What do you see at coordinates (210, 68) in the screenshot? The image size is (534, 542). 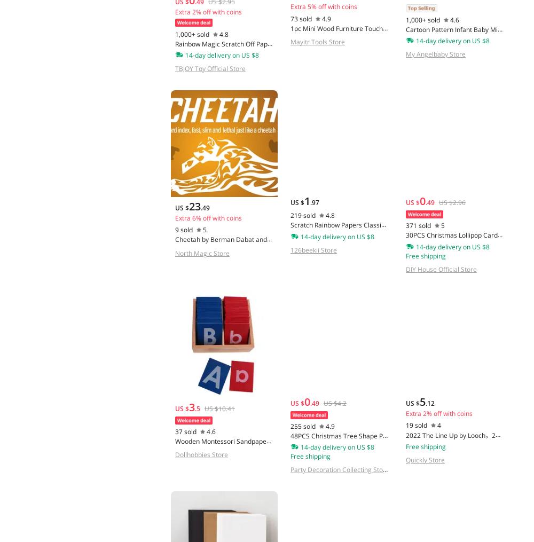 I see `'TBJOY Toy Official Store'` at bounding box center [210, 68].